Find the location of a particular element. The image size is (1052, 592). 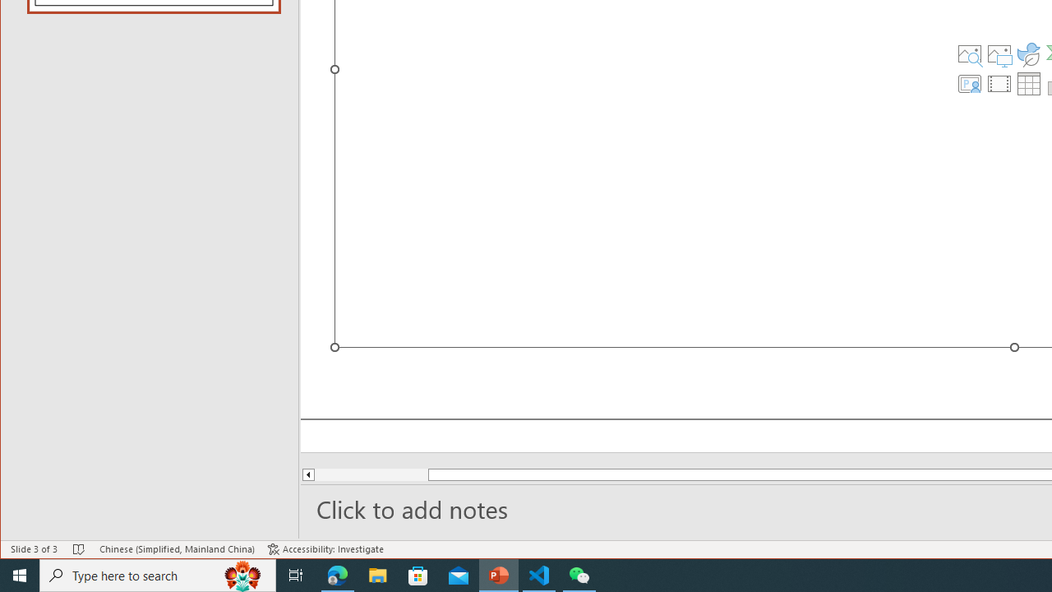

'Task View' is located at coordinates (295, 574).